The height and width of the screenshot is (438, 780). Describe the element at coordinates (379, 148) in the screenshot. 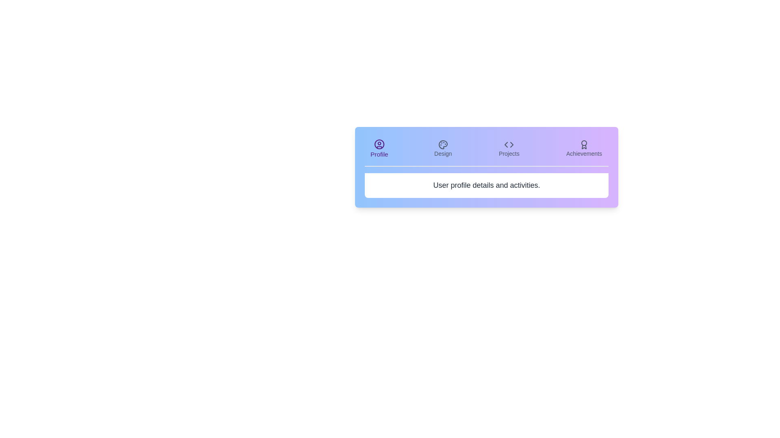

I see `the tab labeled Profile to view its content` at that location.